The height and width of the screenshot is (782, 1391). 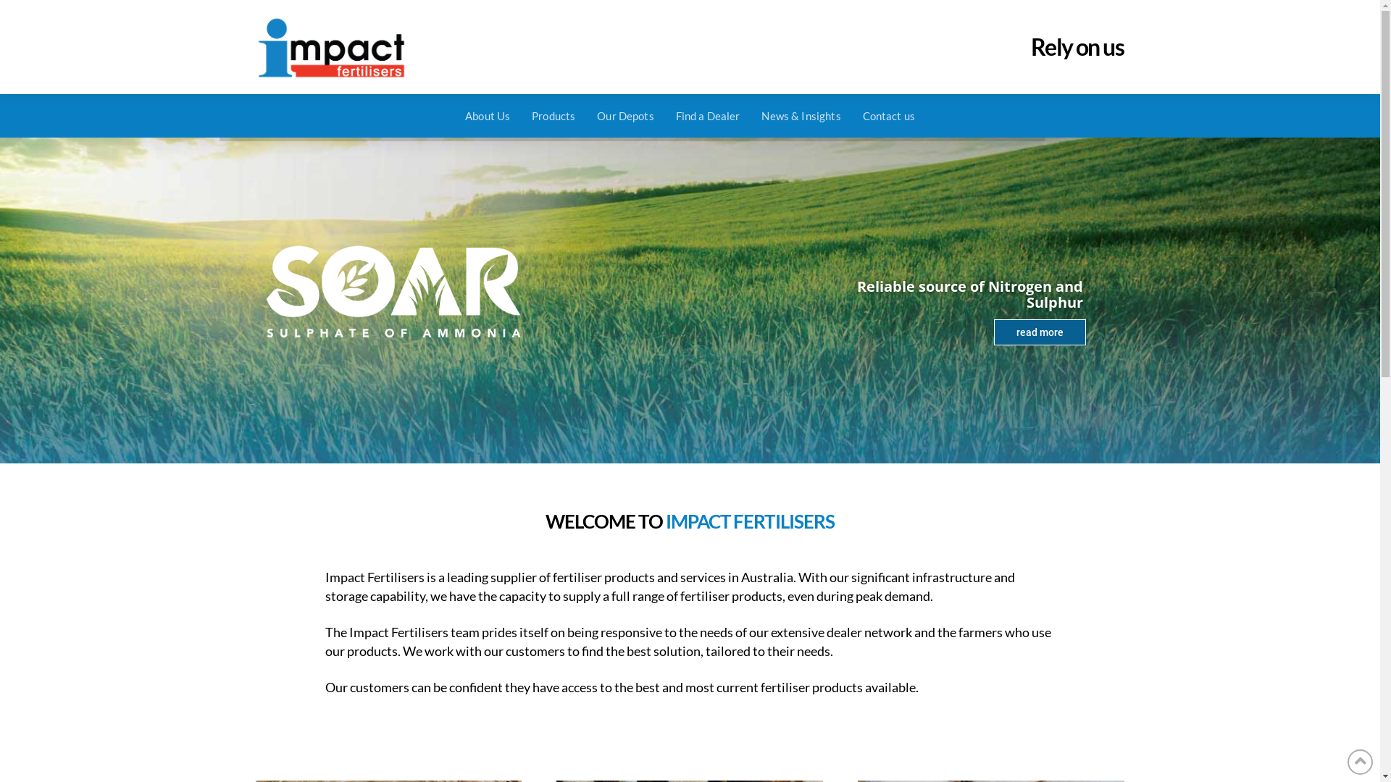 I want to click on 'About Us', so click(x=454, y=114).